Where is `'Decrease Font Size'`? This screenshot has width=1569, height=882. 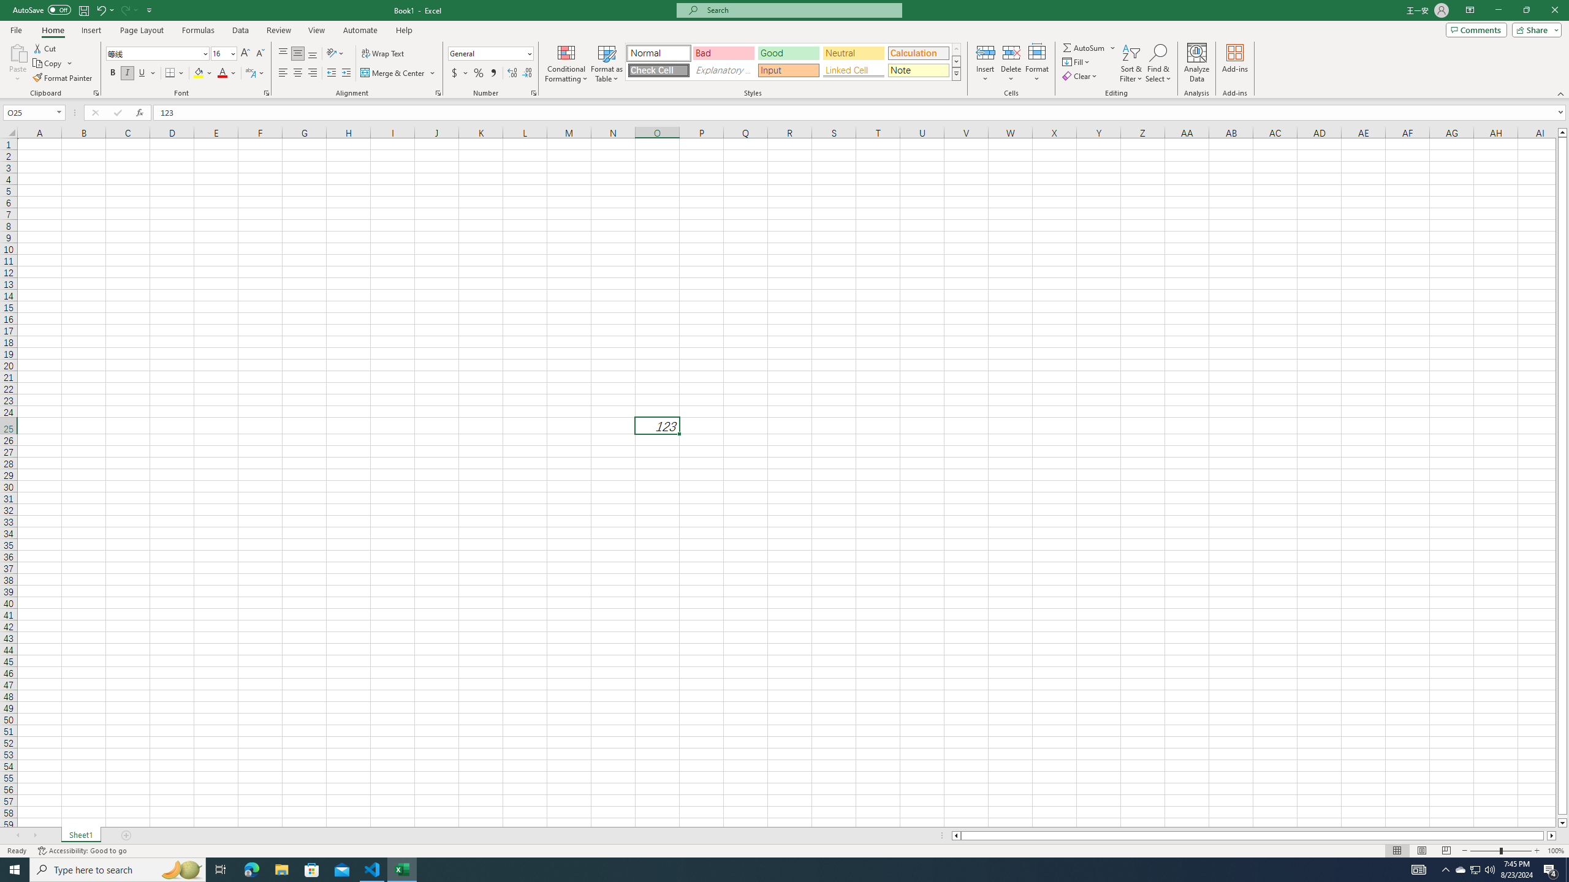
'Decrease Font Size' is located at coordinates (259, 53).